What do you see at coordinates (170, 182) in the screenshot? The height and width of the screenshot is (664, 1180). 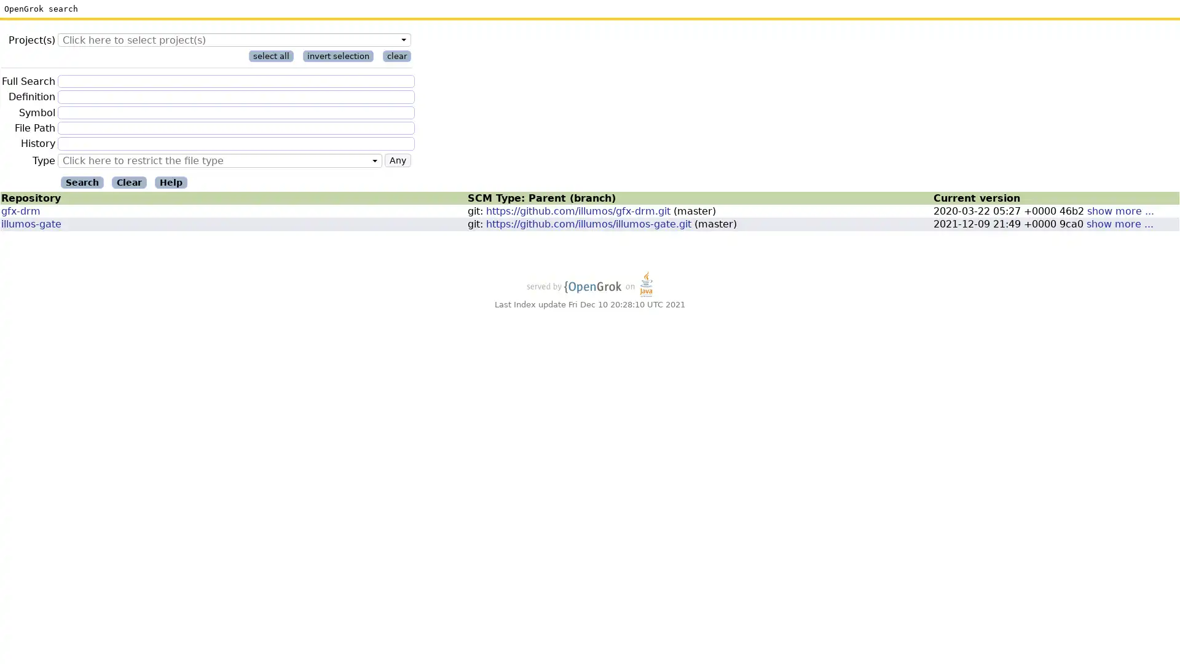 I see `Help` at bounding box center [170, 182].